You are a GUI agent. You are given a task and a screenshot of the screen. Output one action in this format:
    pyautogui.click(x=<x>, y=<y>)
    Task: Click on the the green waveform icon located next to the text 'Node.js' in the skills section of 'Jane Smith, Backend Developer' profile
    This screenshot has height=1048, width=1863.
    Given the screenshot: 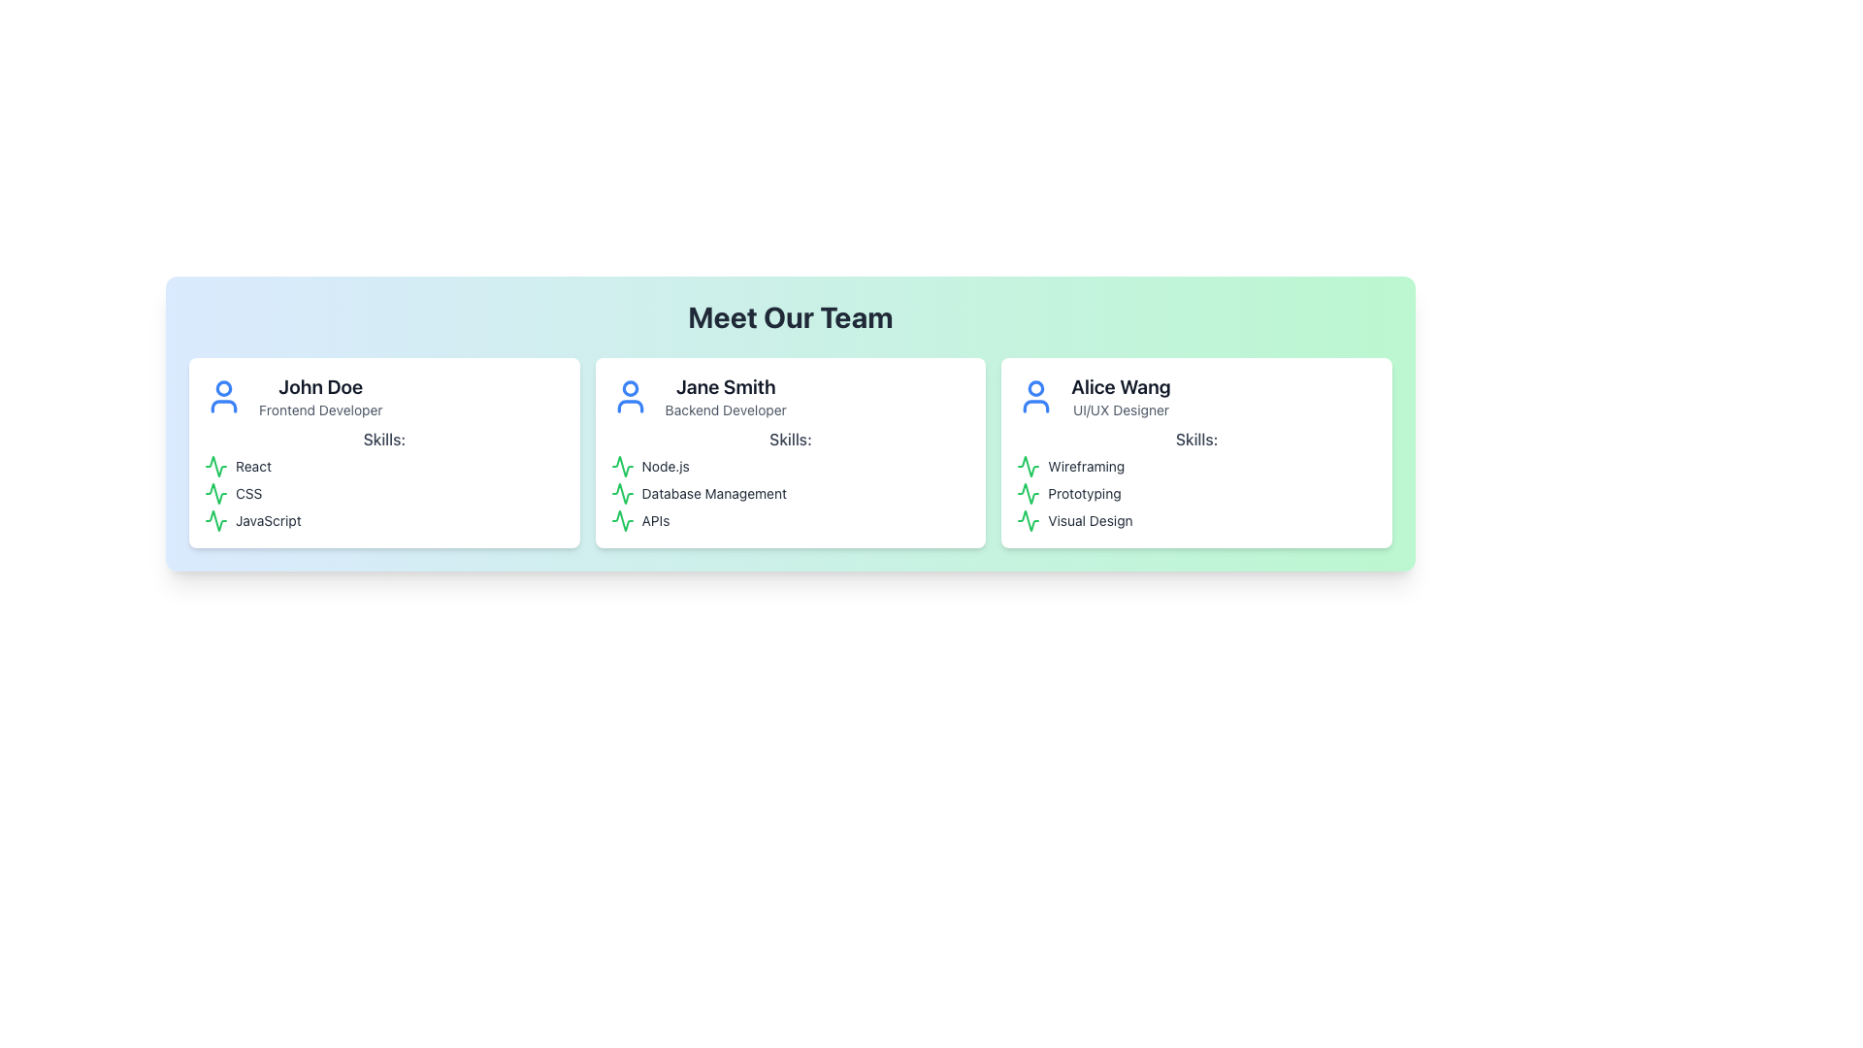 What is the action you would take?
    pyautogui.click(x=622, y=467)
    